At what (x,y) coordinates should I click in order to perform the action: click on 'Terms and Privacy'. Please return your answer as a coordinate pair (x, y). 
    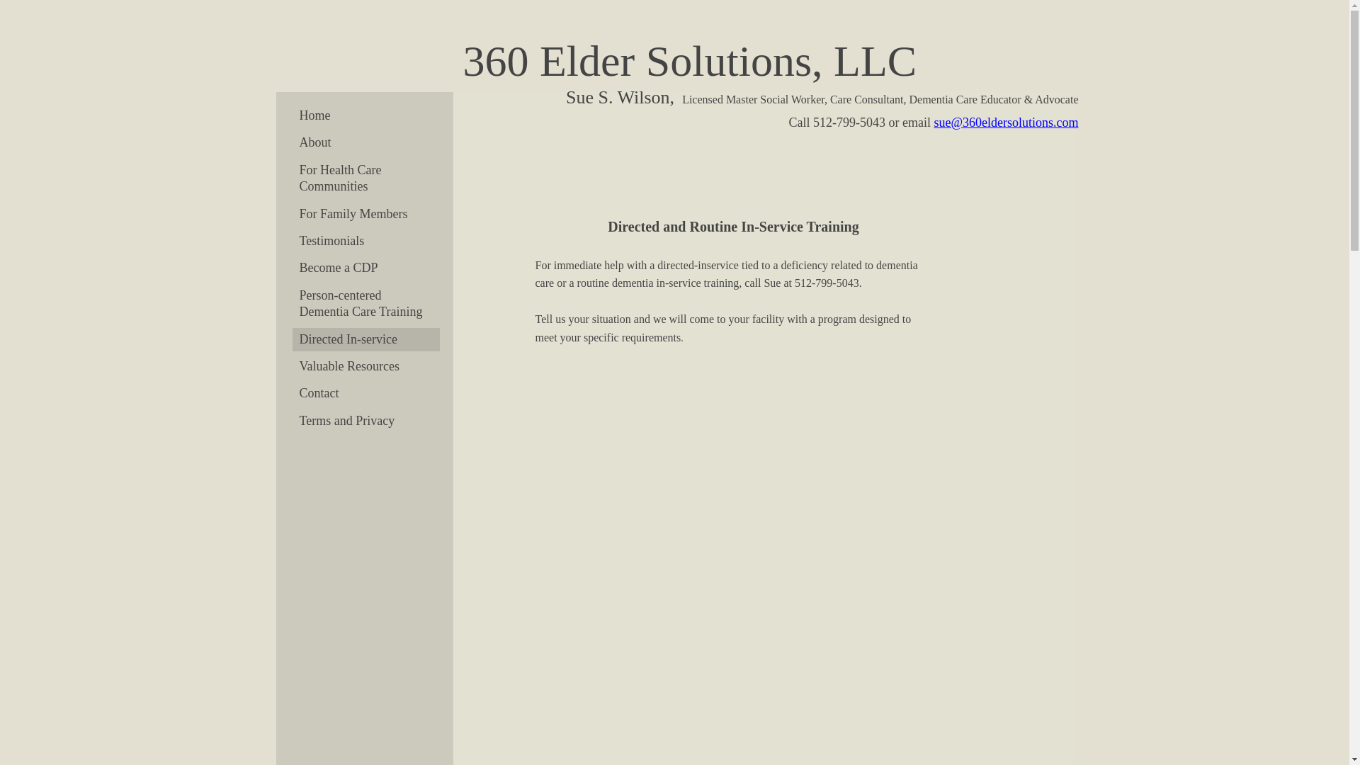
    Looking at the image, I should click on (365, 420).